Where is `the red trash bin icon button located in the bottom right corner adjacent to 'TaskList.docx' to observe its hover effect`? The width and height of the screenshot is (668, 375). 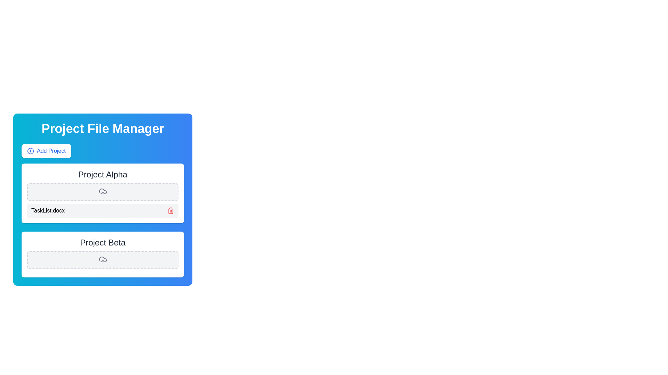 the red trash bin icon button located in the bottom right corner adjacent to 'TaskList.docx' to observe its hover effect is located at coordinates (170, 210).